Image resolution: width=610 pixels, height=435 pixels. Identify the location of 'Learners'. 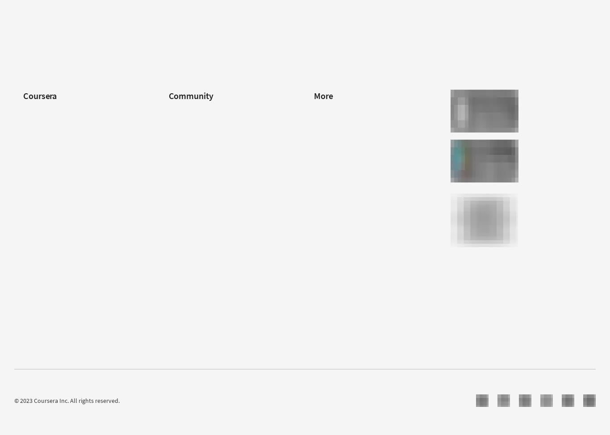
(179, 111).